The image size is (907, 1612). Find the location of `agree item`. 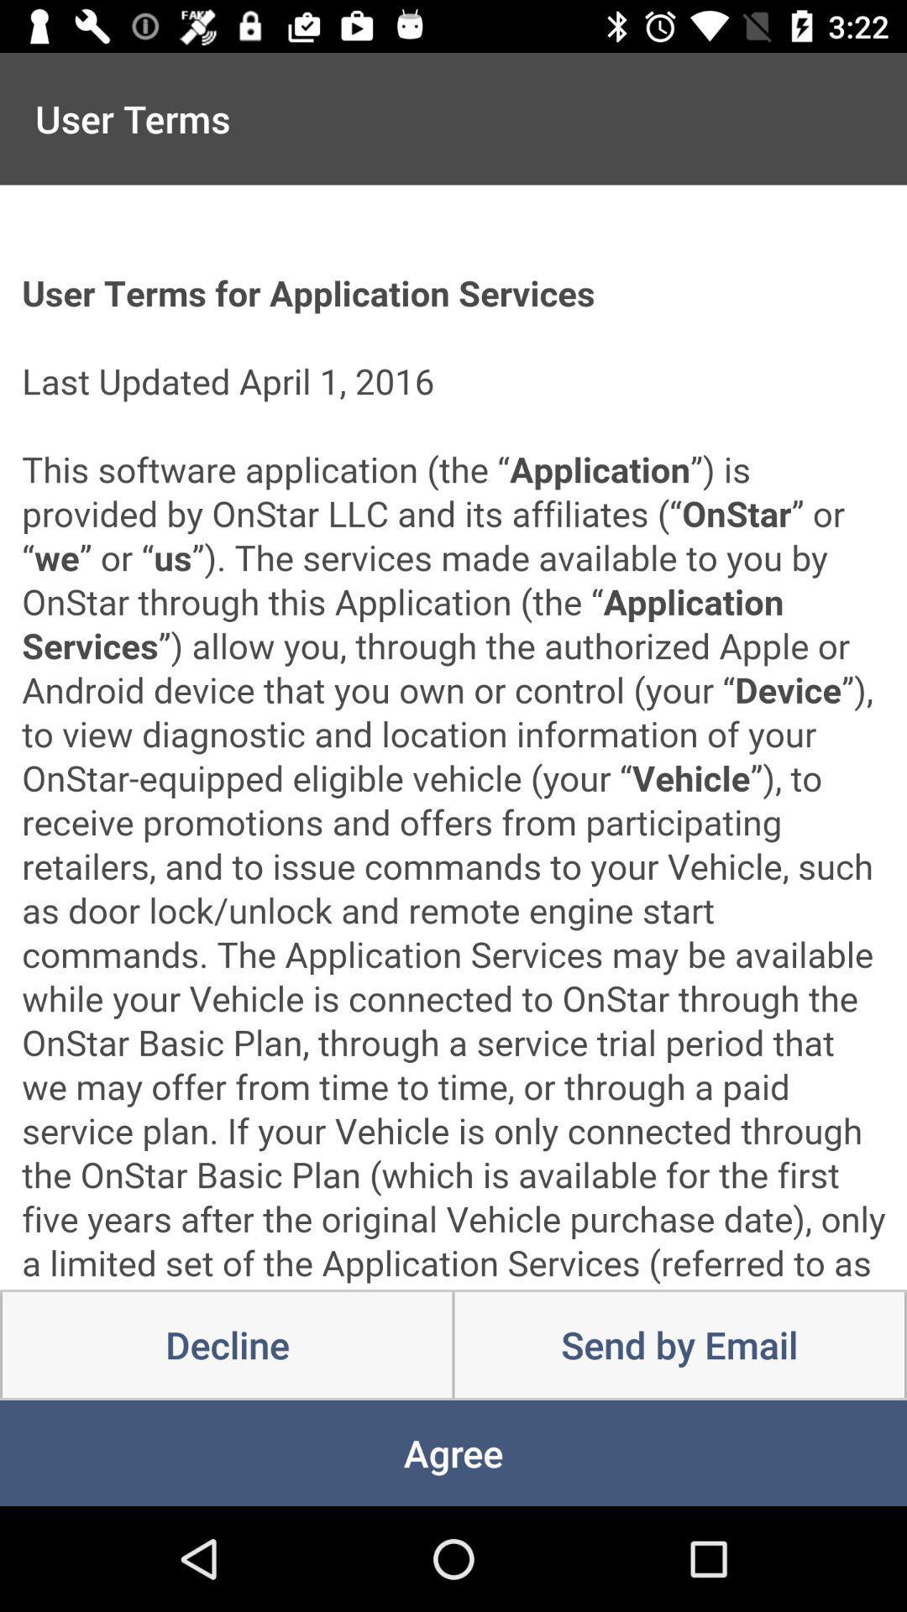

agree item is located at coordinates (453, 1452).